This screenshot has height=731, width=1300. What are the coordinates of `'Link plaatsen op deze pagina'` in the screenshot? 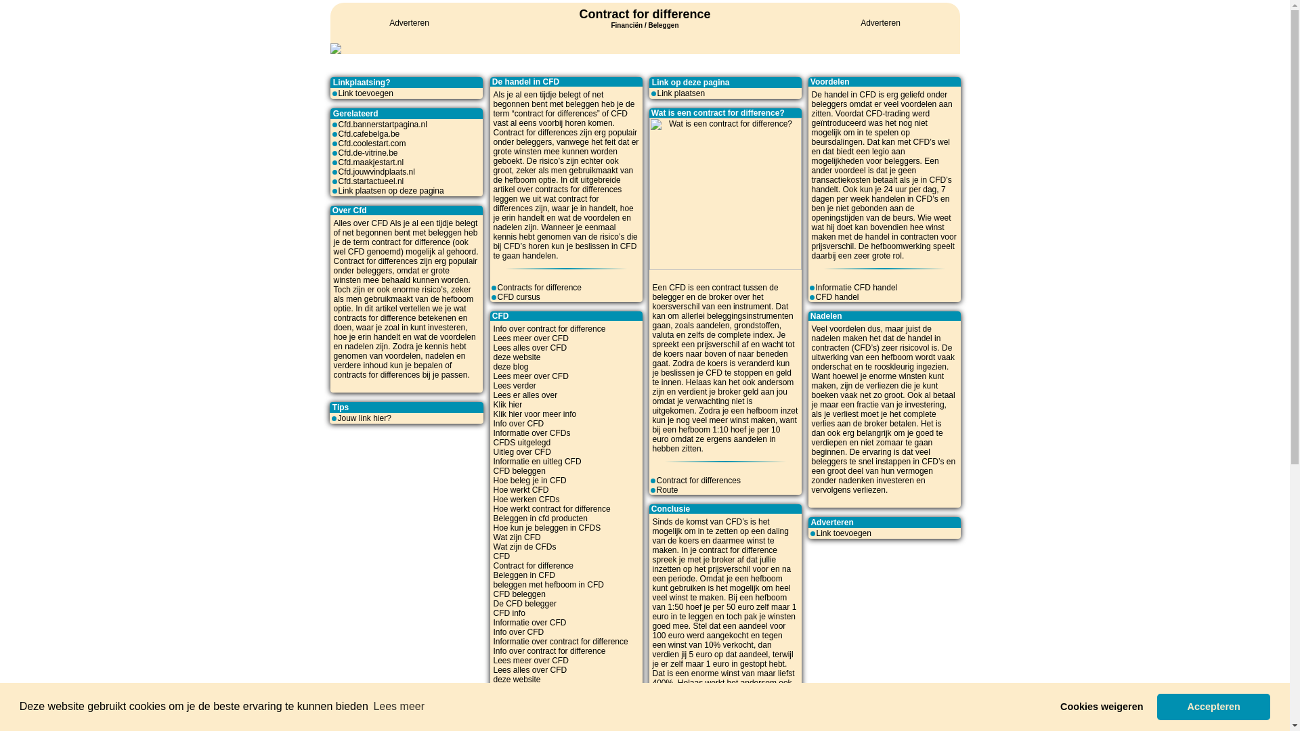 It's located at (390, 190).